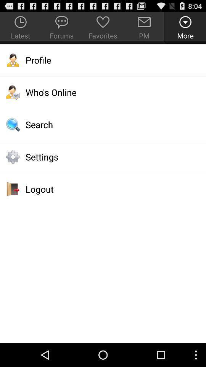  I want to click on item below the   settings item, so click(103, 188).